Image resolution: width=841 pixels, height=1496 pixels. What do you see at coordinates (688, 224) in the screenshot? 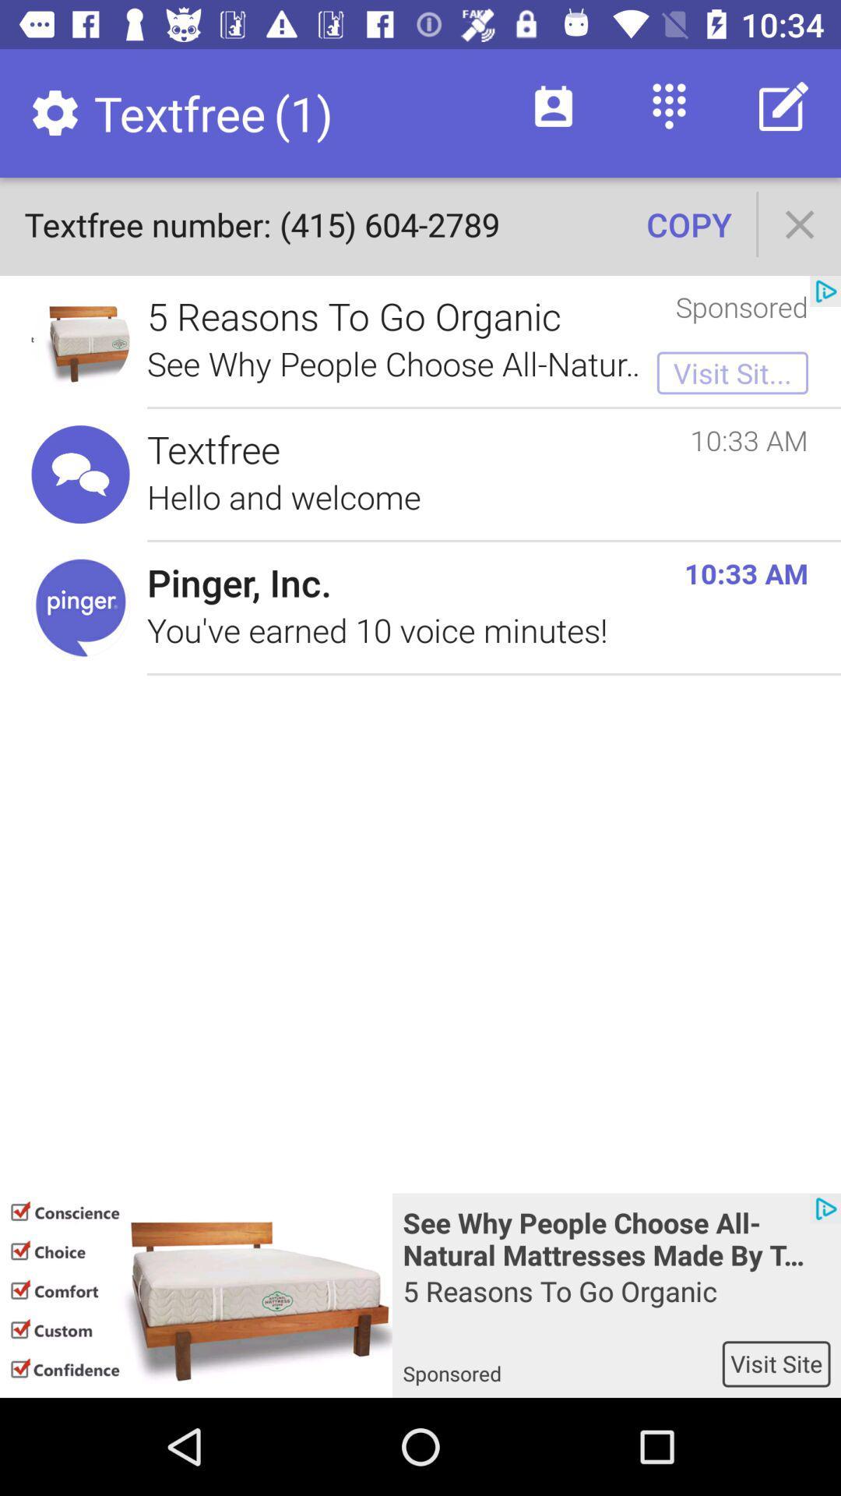
I see `icon above sponsored` at bounding box center [688, 224].